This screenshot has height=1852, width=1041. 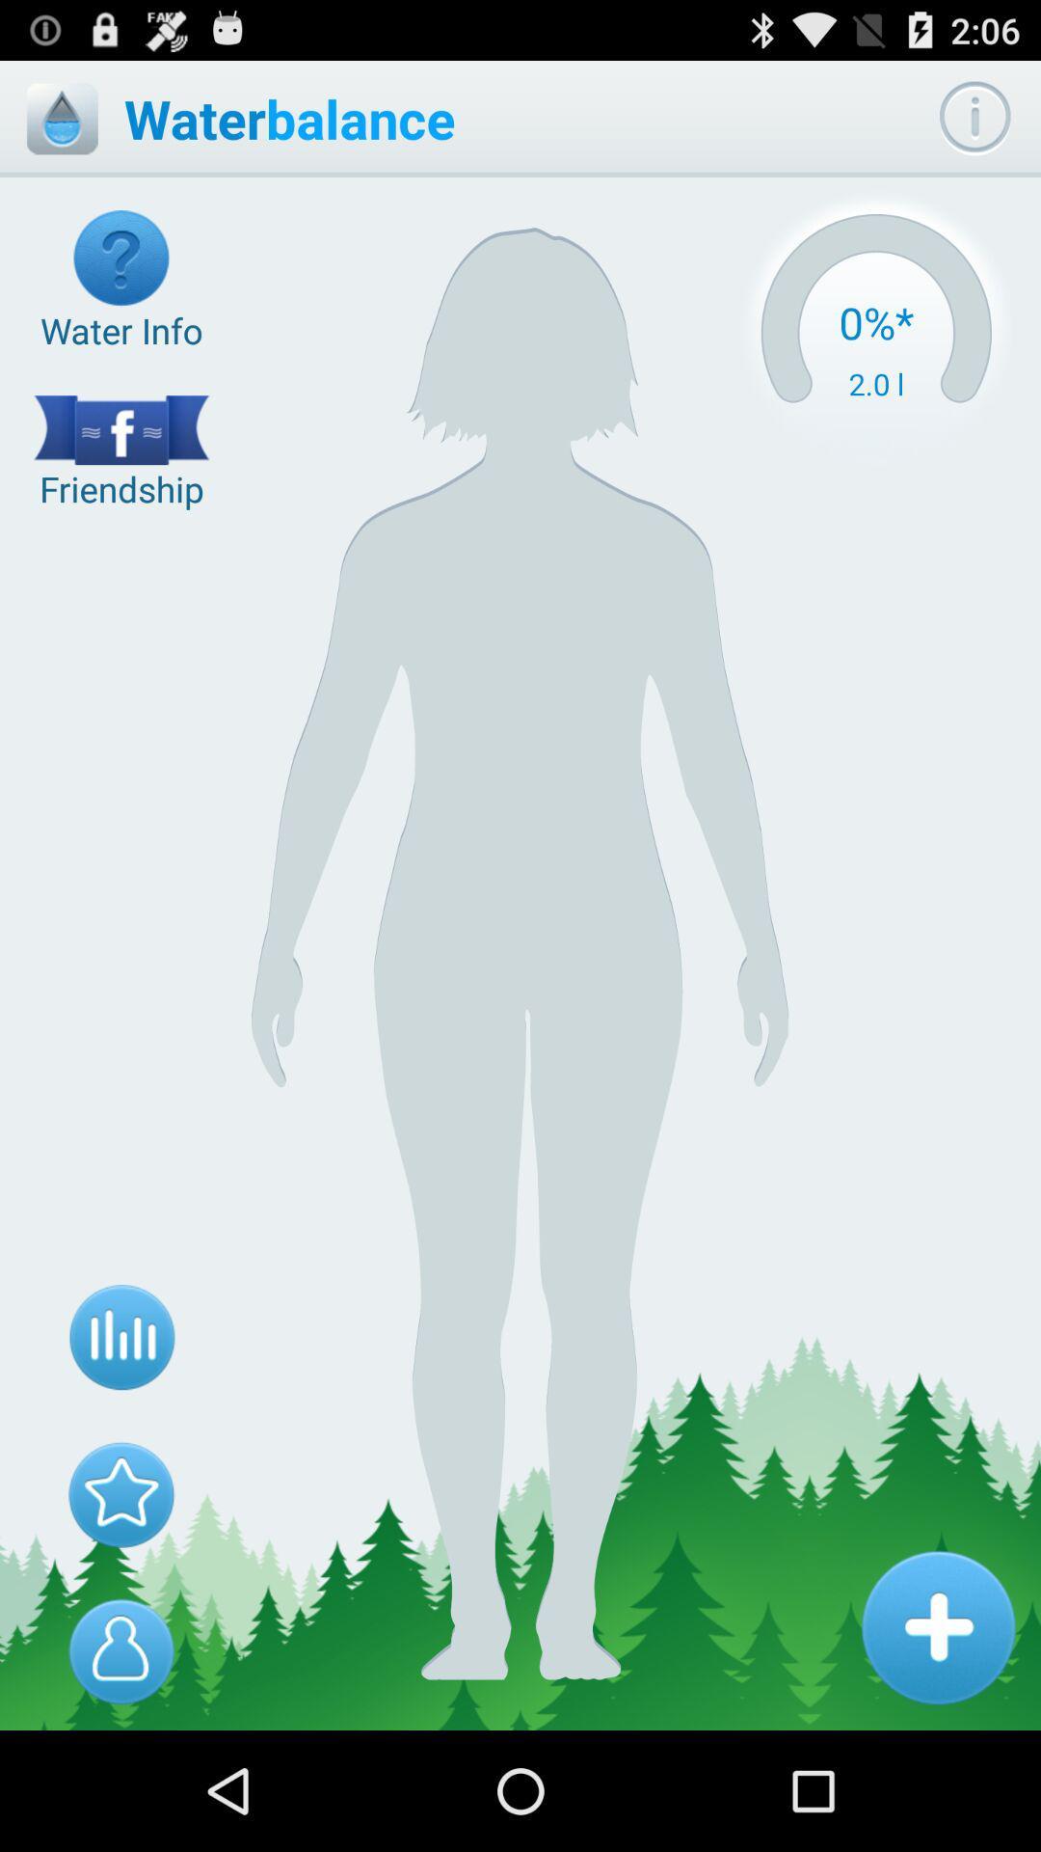 What do you see at coordinates (974, 118) in the screenshot?
I see `see options` at bounding box center [974, 118].